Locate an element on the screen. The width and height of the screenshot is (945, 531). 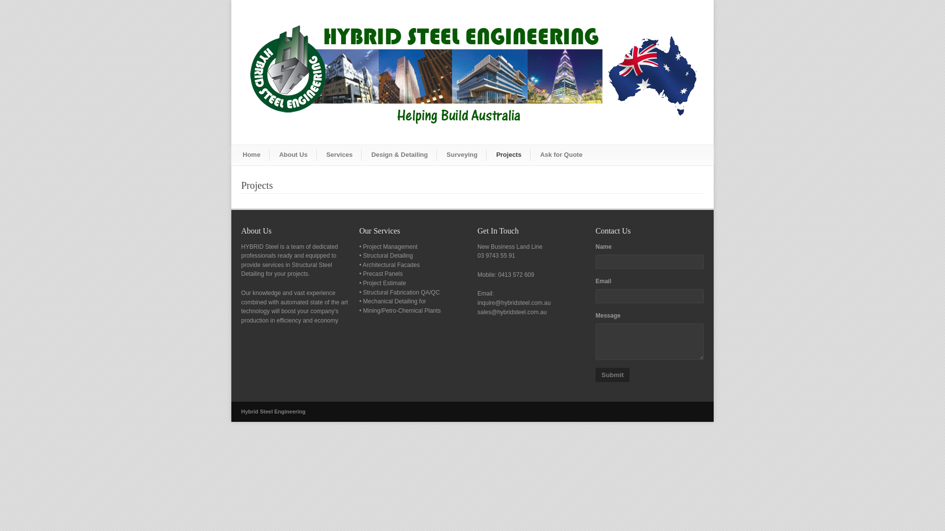
'Submit' is located at coordinates (612, 375).